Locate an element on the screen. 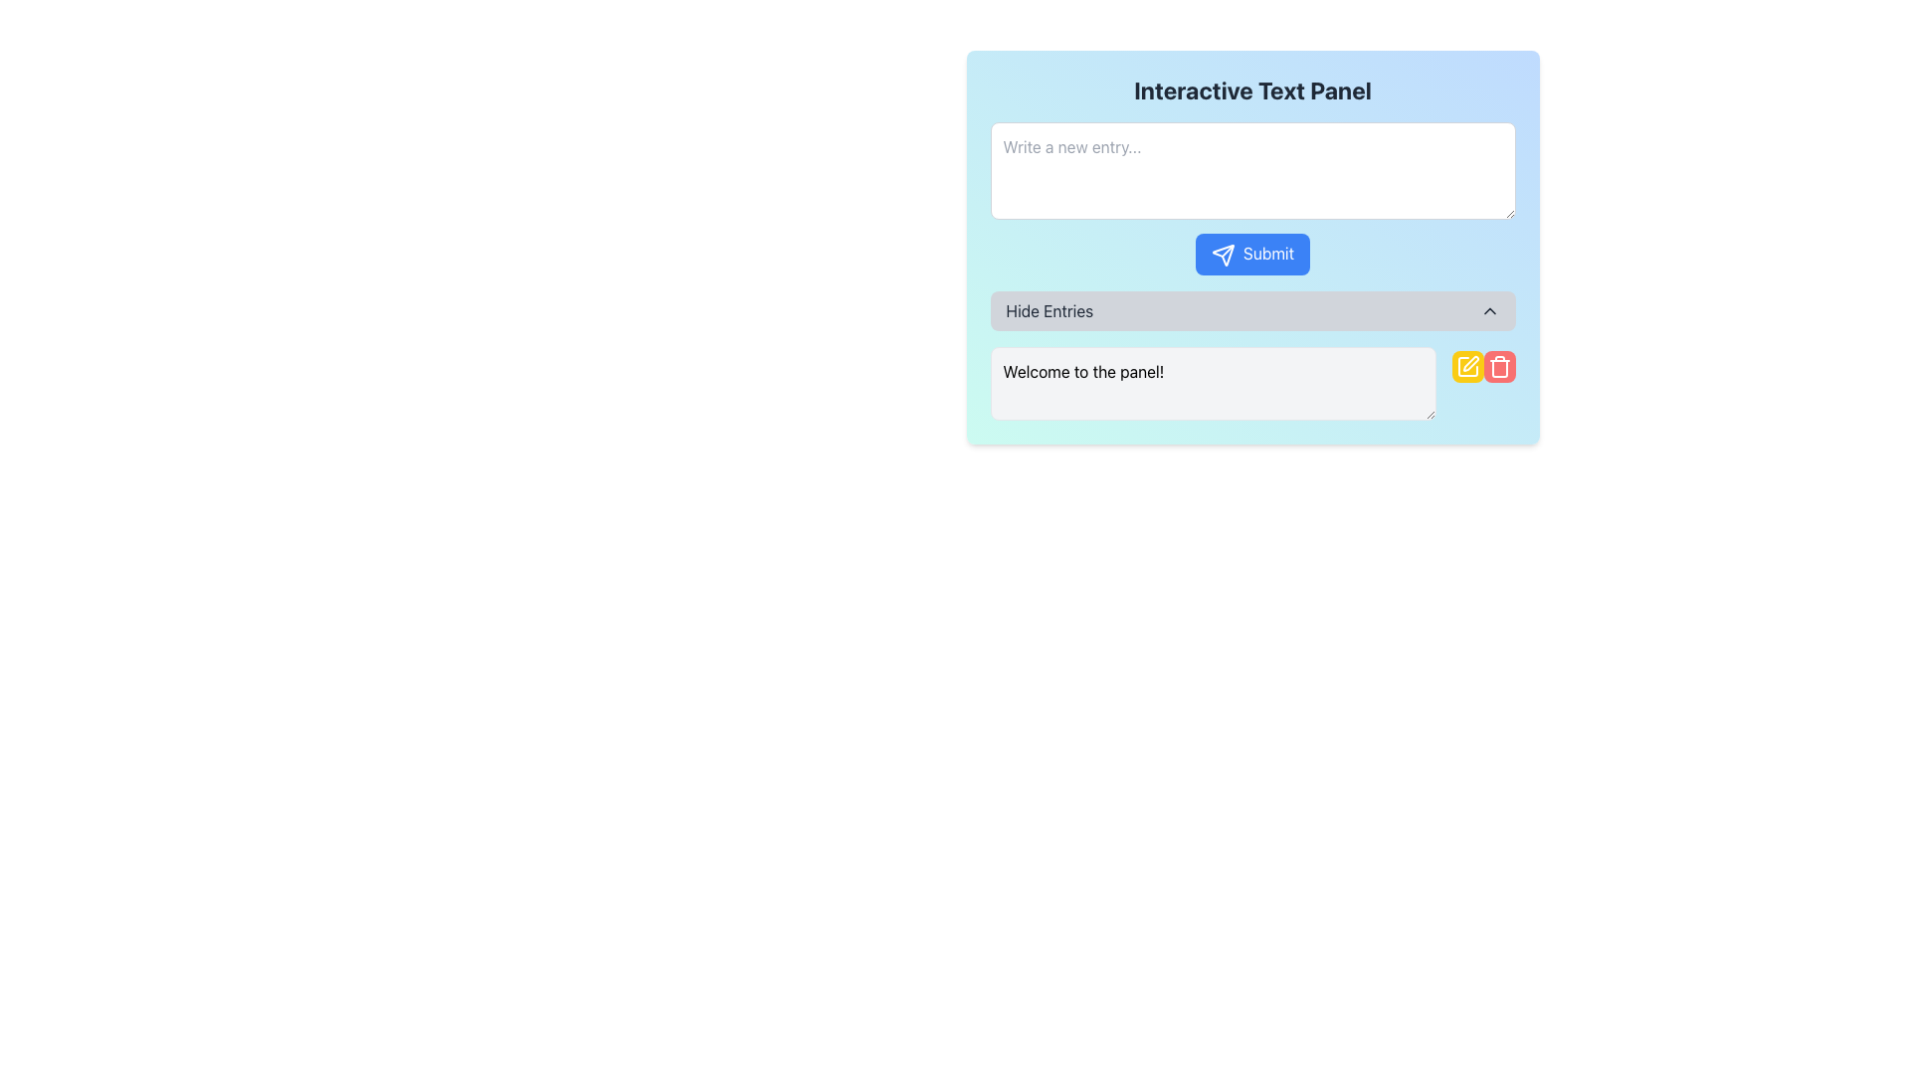  the trash bin icon button, which is styled in white color with rounded edges and enclosed in a red circular background, located at the bottom right of the panel adjacent to a yellow pencil icon is located at coordinates (1499, 366).